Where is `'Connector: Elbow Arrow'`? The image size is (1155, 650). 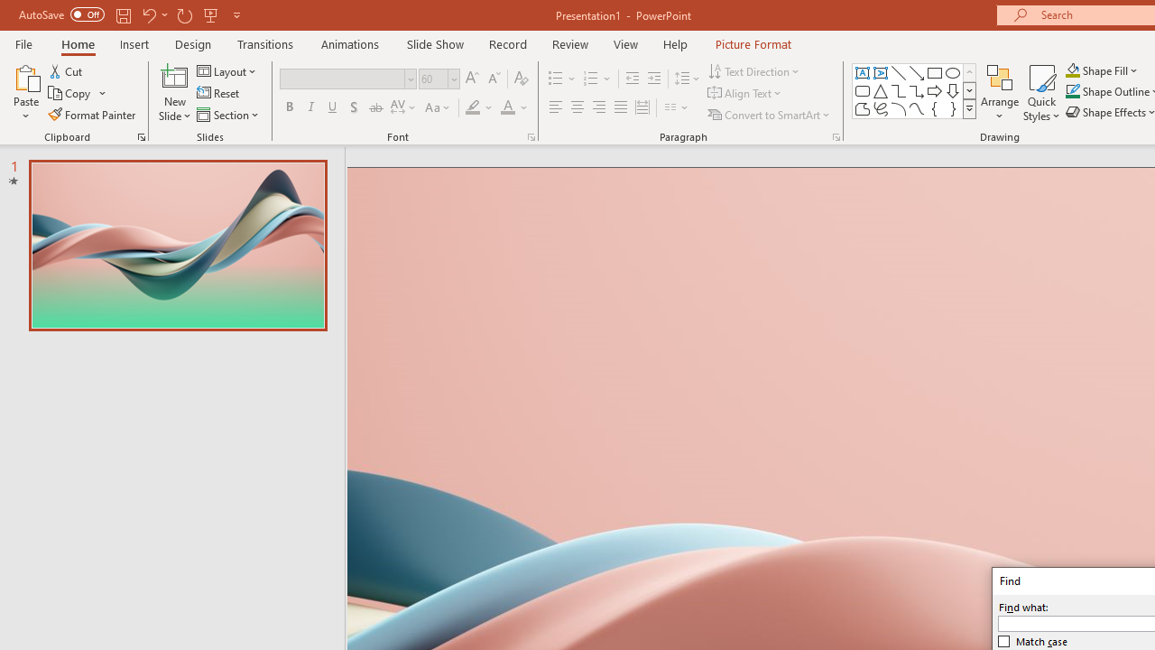
'Connector: Elbow Arrow' is located at coordinates (917, 90).